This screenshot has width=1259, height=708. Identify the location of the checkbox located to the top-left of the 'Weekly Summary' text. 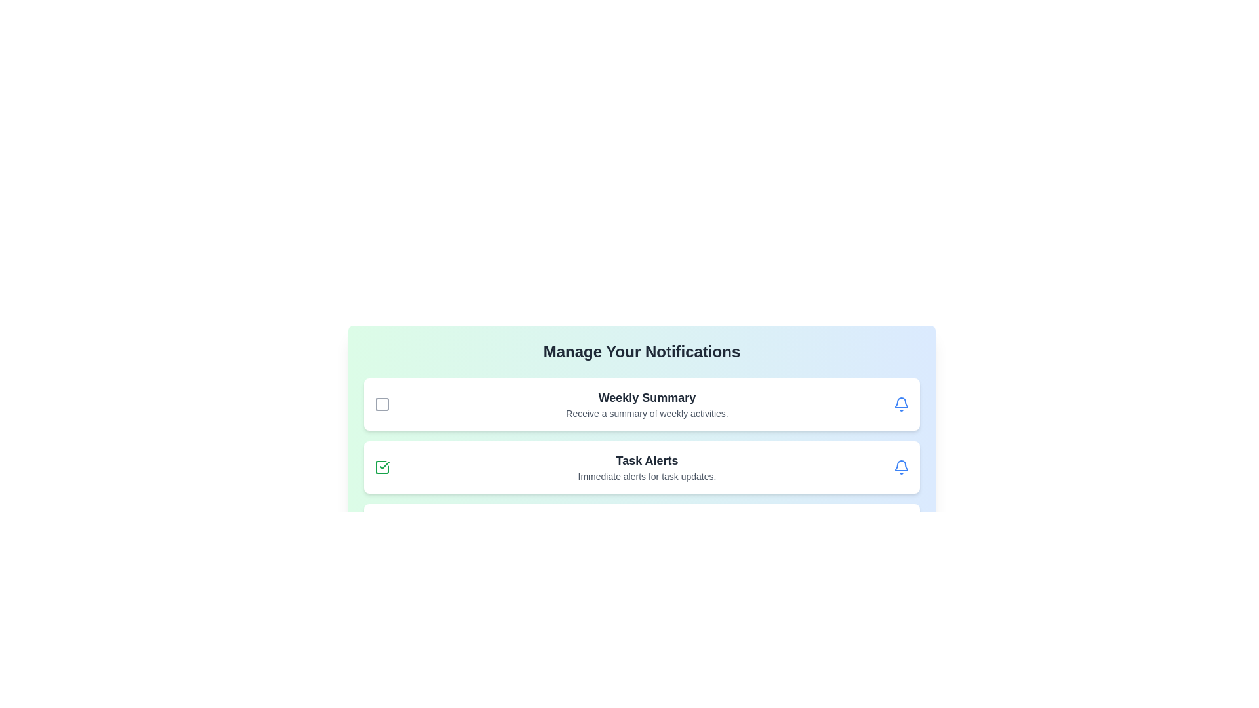
(381, 404).